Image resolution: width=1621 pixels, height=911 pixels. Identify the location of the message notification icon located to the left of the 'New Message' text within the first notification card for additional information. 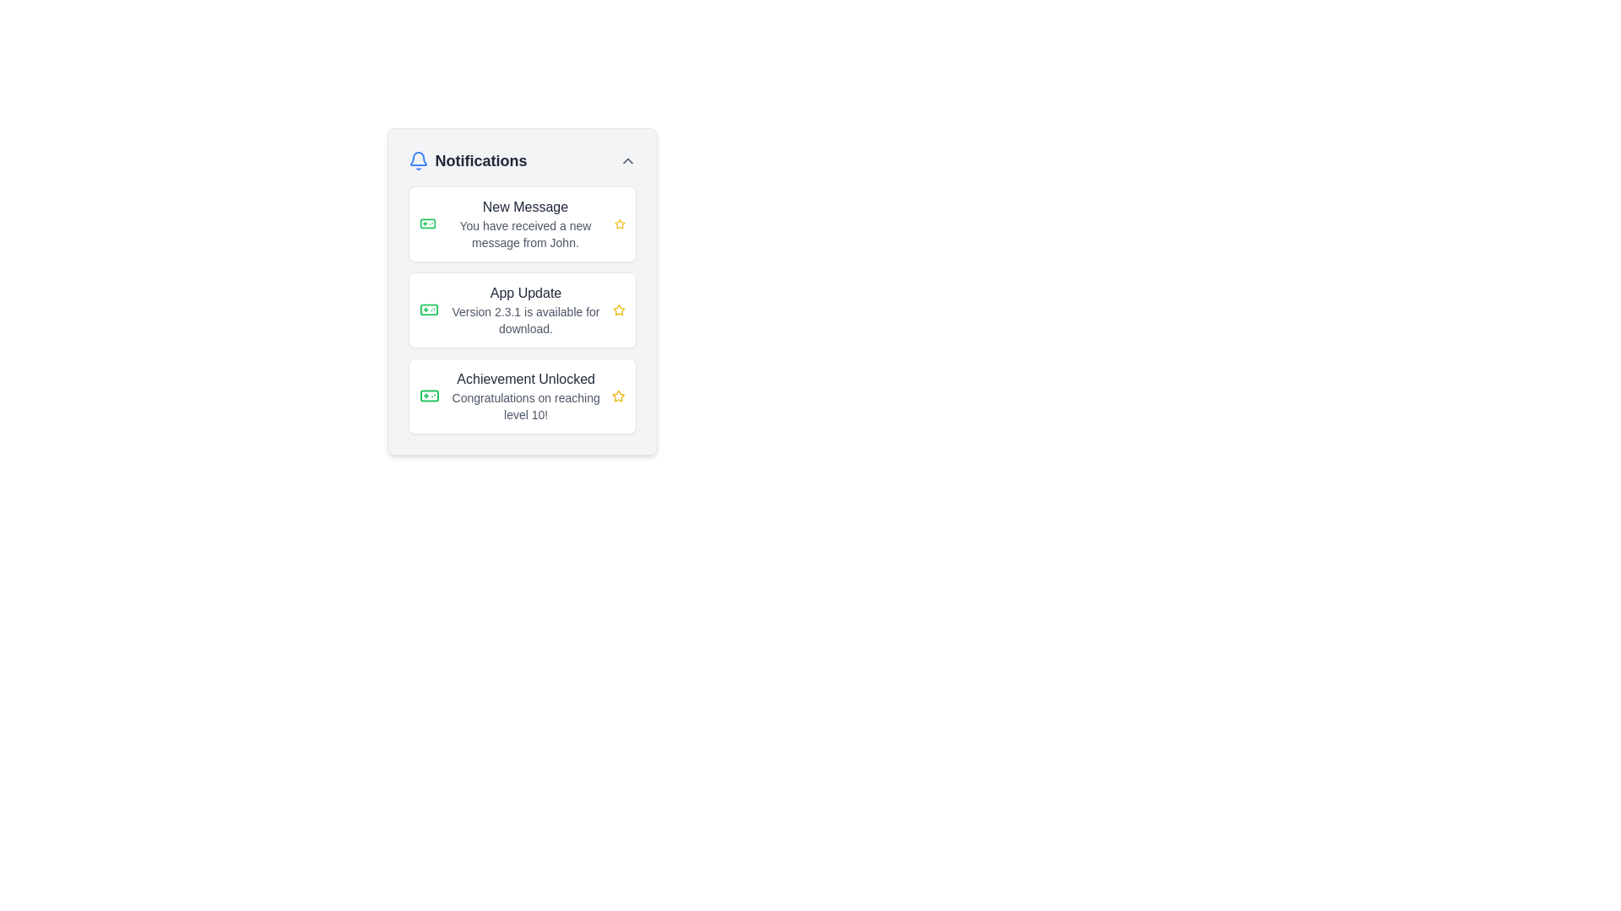
(427, 224).